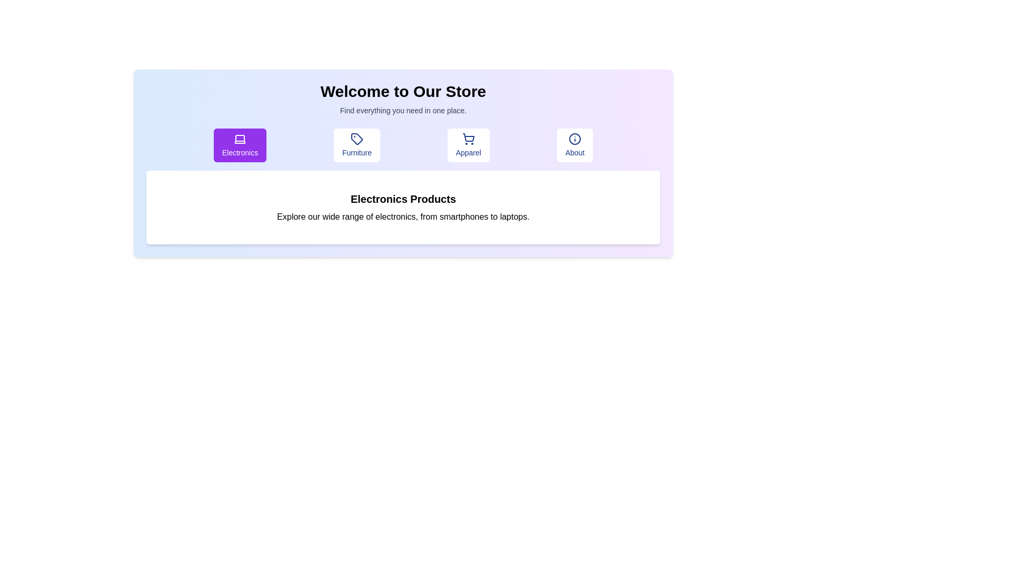  Describe the element at coordinates (574, 138) in the screenshot. I see `the 'About' icon, which is centrally positioned within the tile labeled 'About' and represents information about the section` at that location.